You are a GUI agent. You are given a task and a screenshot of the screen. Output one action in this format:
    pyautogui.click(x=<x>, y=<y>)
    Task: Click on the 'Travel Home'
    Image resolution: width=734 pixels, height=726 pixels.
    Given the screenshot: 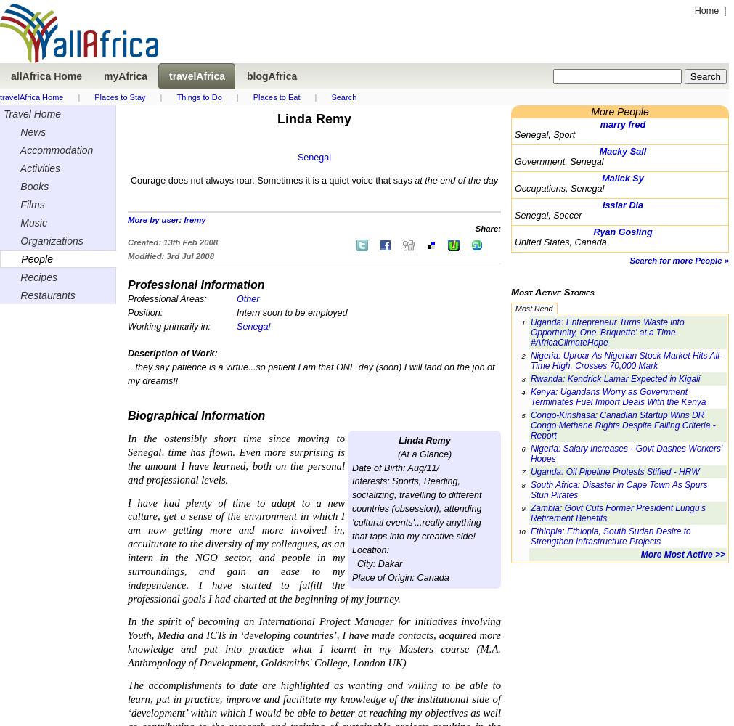 What is the action you would take?
    pyautogui.click(x=31, y=114)
    